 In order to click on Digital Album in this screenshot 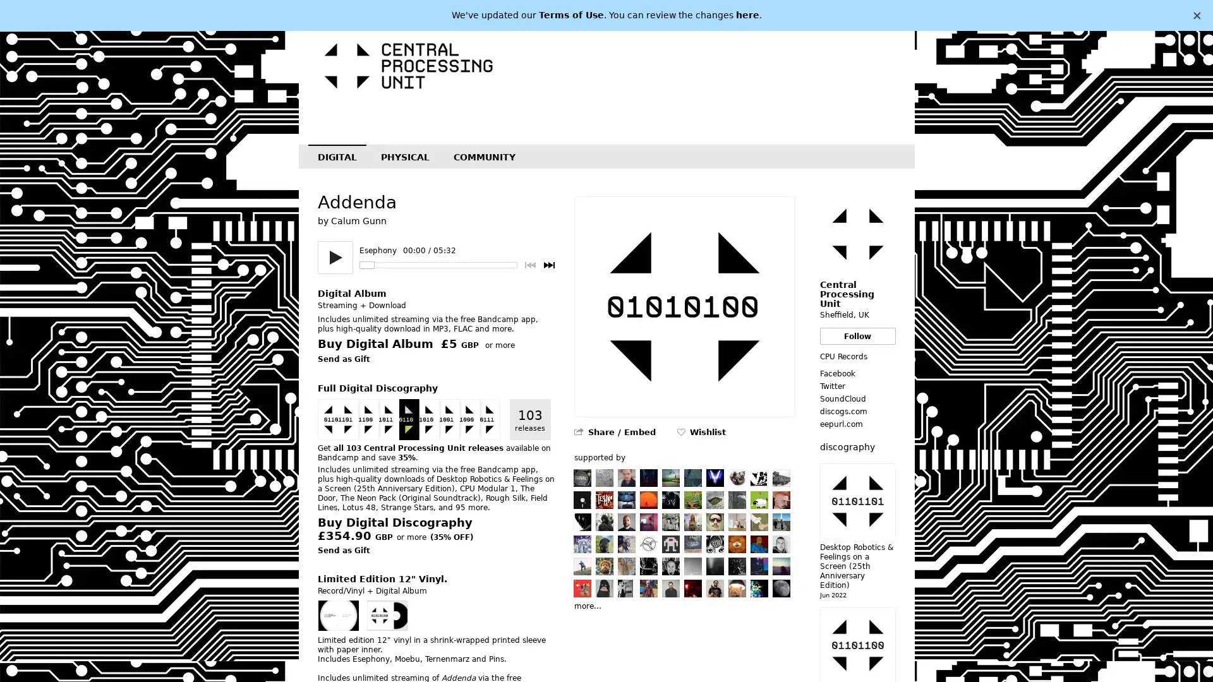, I will do `click(351, 294)`.